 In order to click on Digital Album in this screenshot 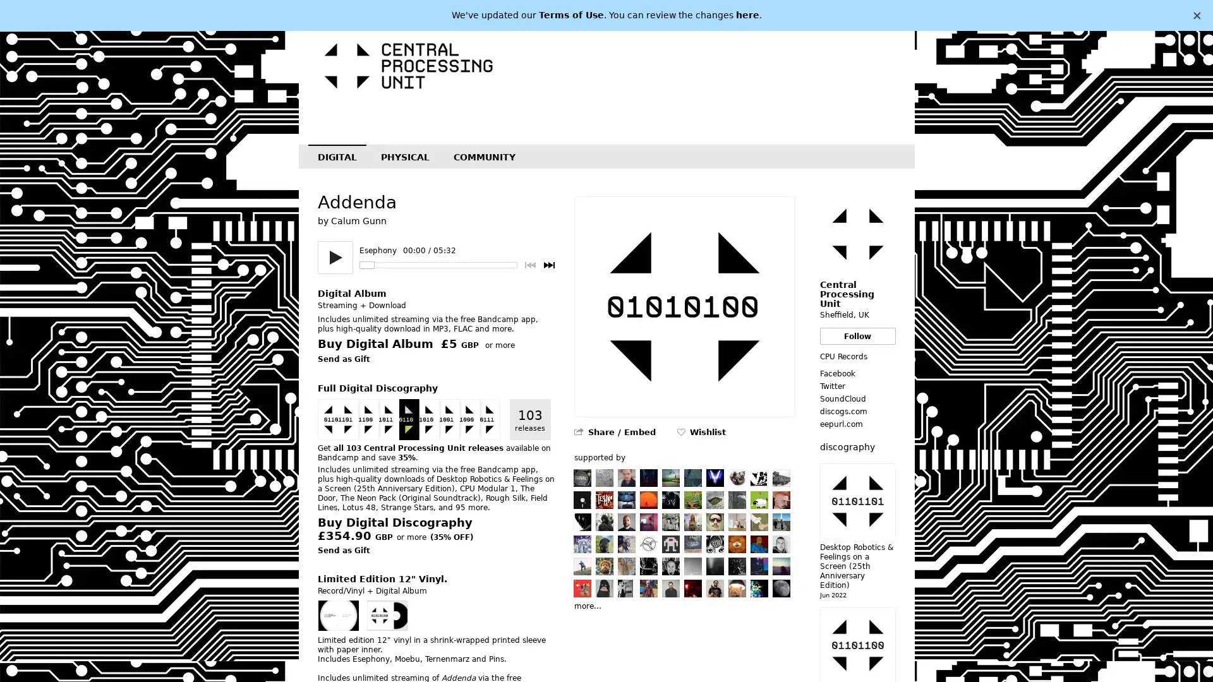, I will do `click(351, 294)`.